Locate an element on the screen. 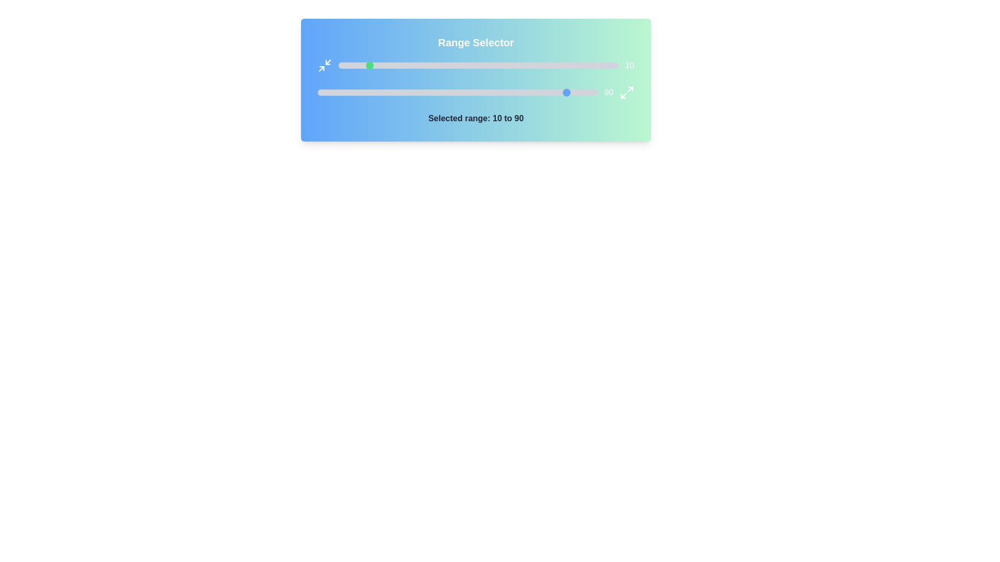 The image size is (1000, 562). the slider is located at coordinates (551, 66).